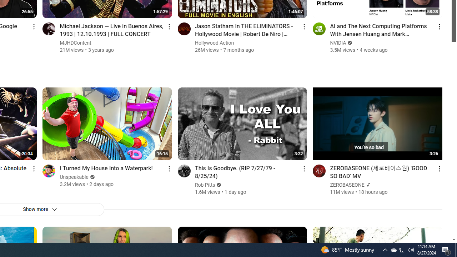 This screenshot has height=257, width=457. I want to click on 'Official Artist Channel', so click(367, 185).